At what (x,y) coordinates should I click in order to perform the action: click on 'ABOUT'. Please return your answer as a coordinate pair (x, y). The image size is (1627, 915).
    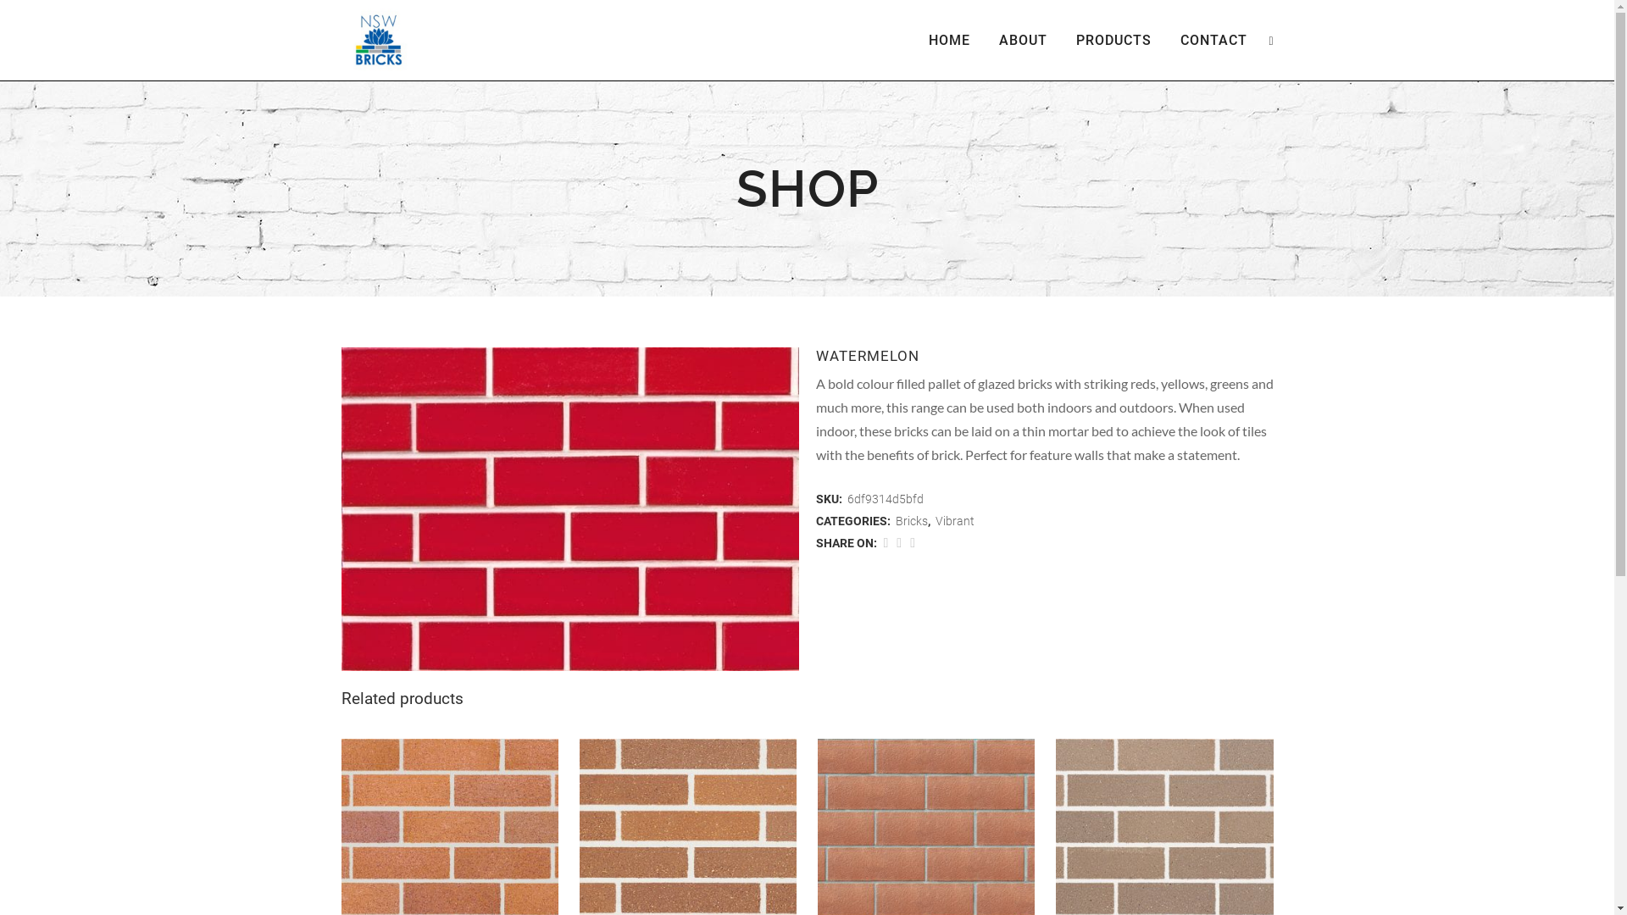
    Looking at the image, I should click on (1022, 39).